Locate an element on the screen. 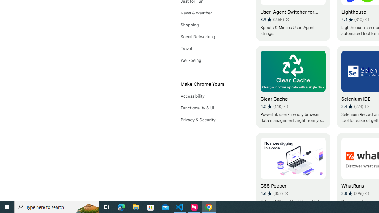 This screenshot has height=213, width=379. 'Average rating 4.4 out of 5 stars. 310 ratings.' is located at coordinates (352, 19).